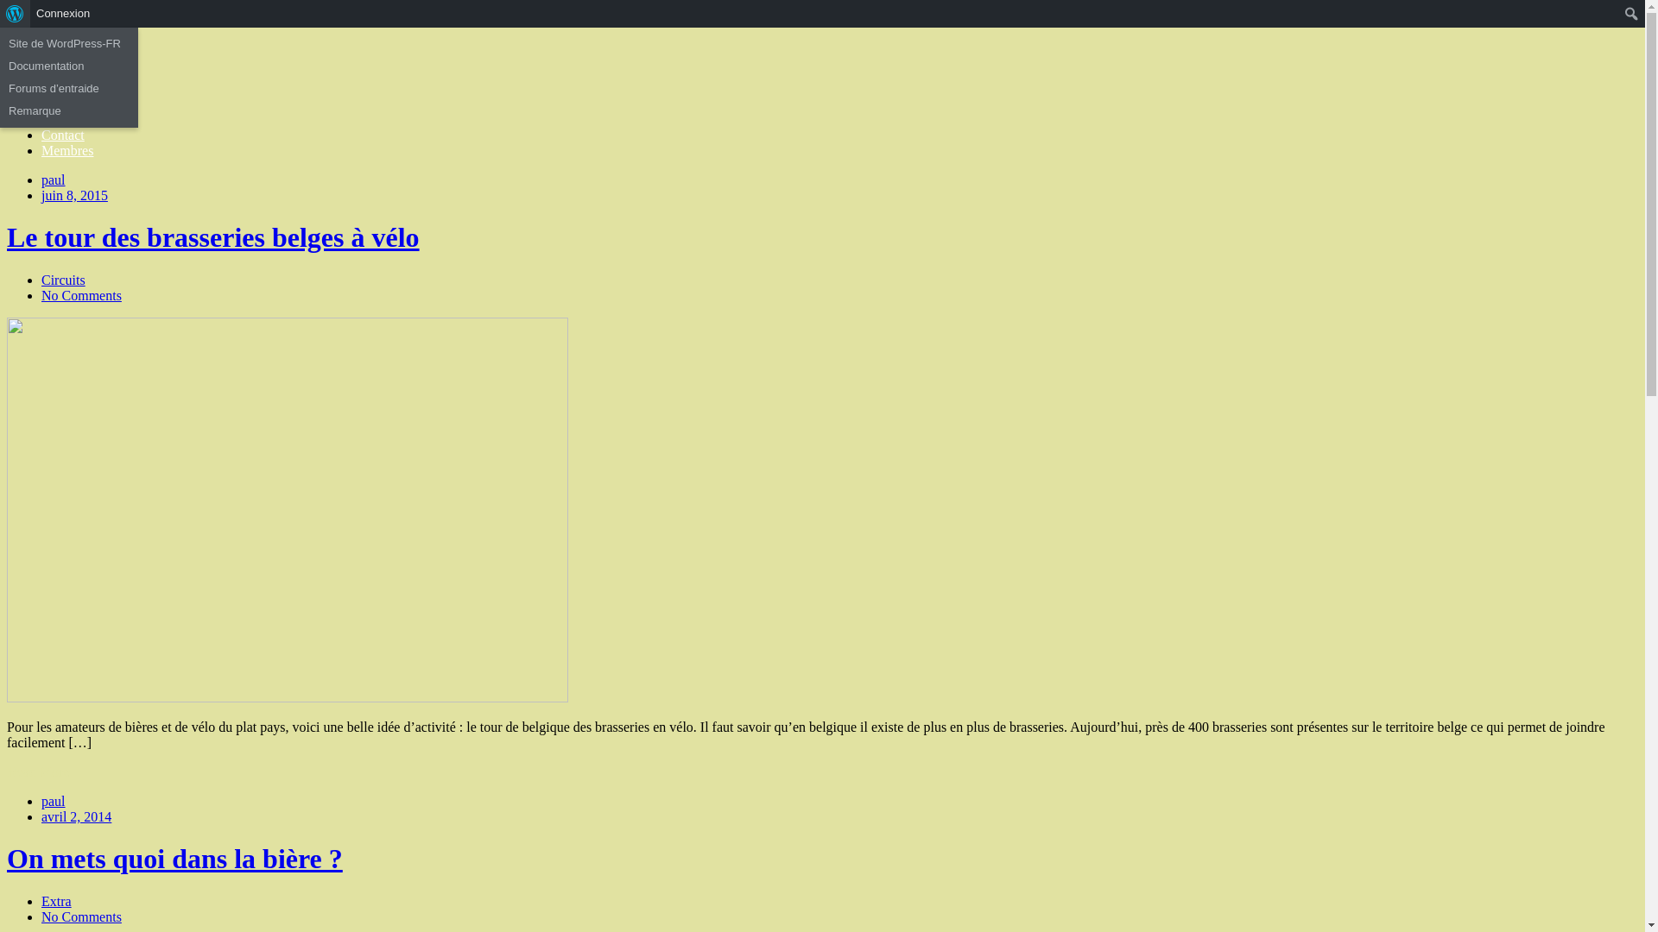 The height and width of the screenshot is (932, 1658). What do you see at coordinates (41, 294) in the screenshot?
I see `'No Comments'` at bounding box center [41, 294].